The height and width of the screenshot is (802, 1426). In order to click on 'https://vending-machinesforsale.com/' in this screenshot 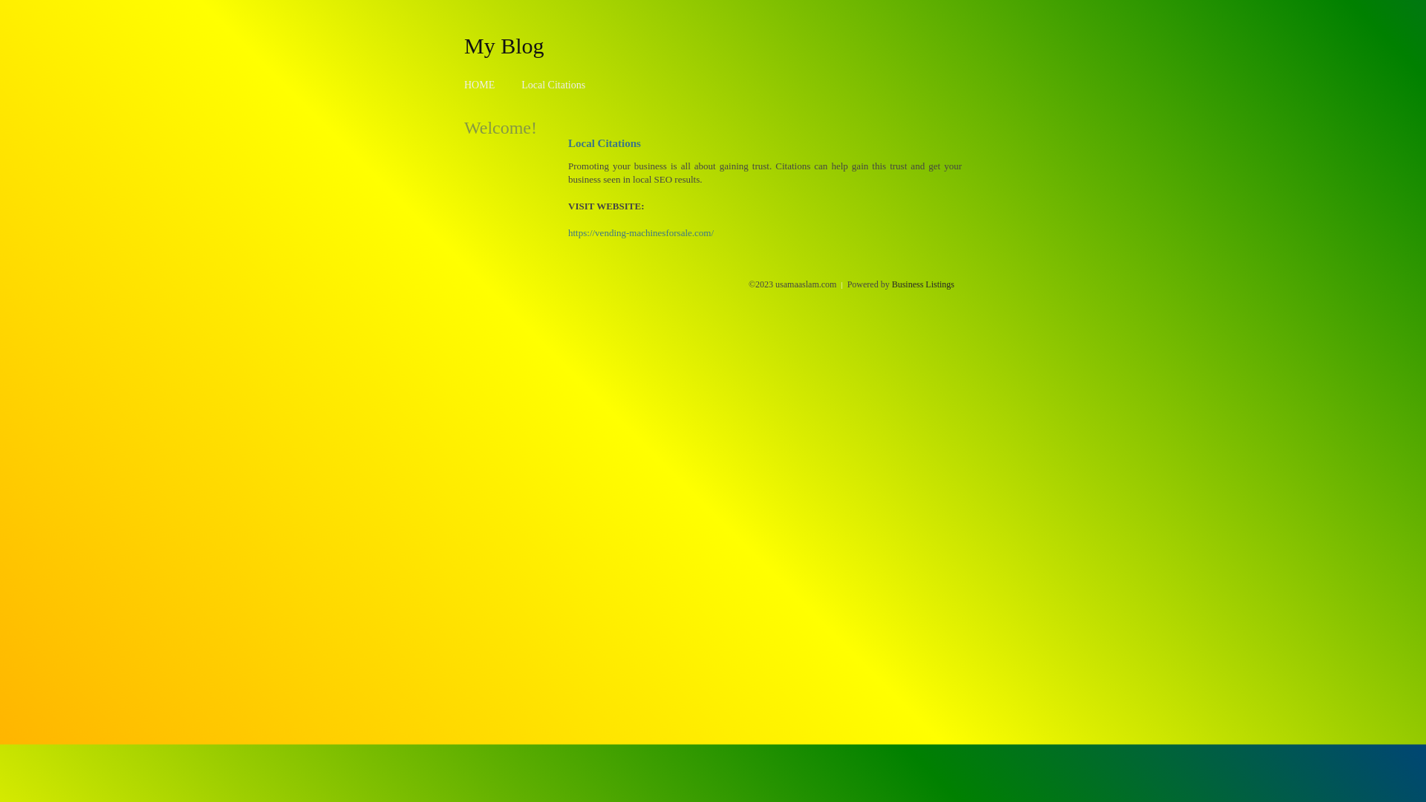, I will do `click(641, 232)`.